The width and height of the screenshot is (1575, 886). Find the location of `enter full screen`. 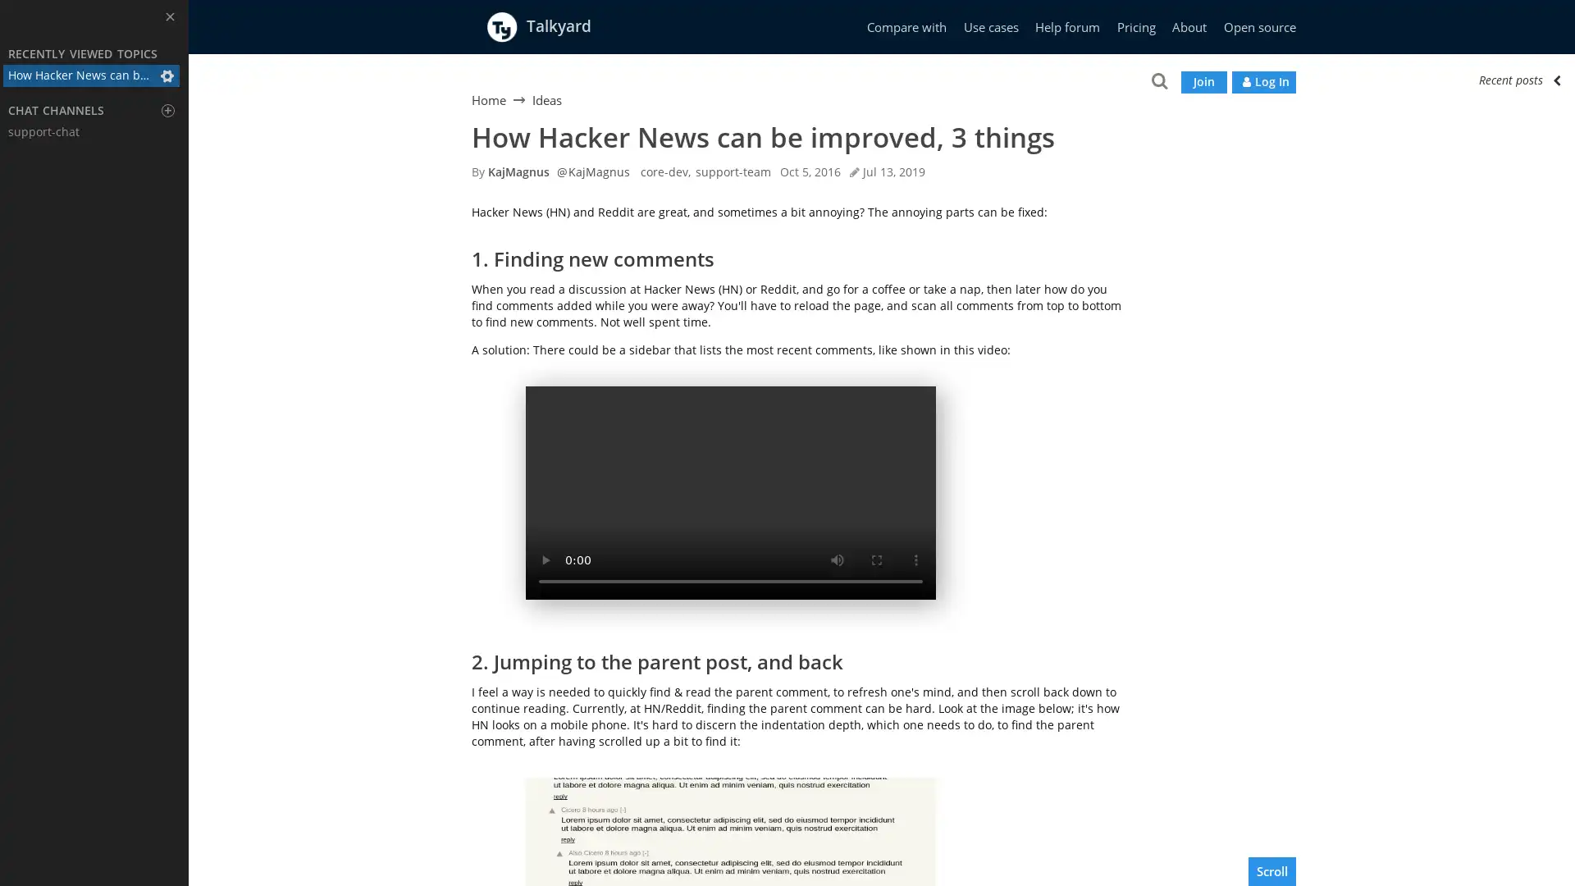

enter full screen is located at coordinates (876, 559).